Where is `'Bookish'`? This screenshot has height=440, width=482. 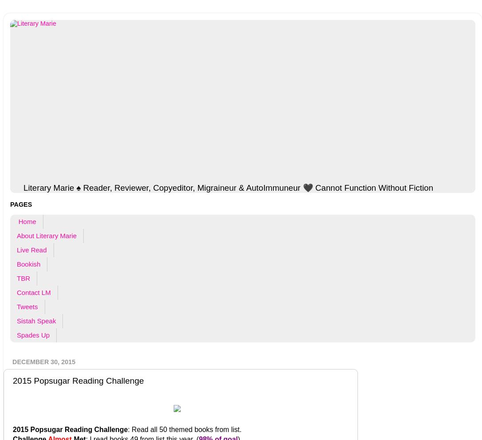
'Bookish' is located at coordinates (16, 263).